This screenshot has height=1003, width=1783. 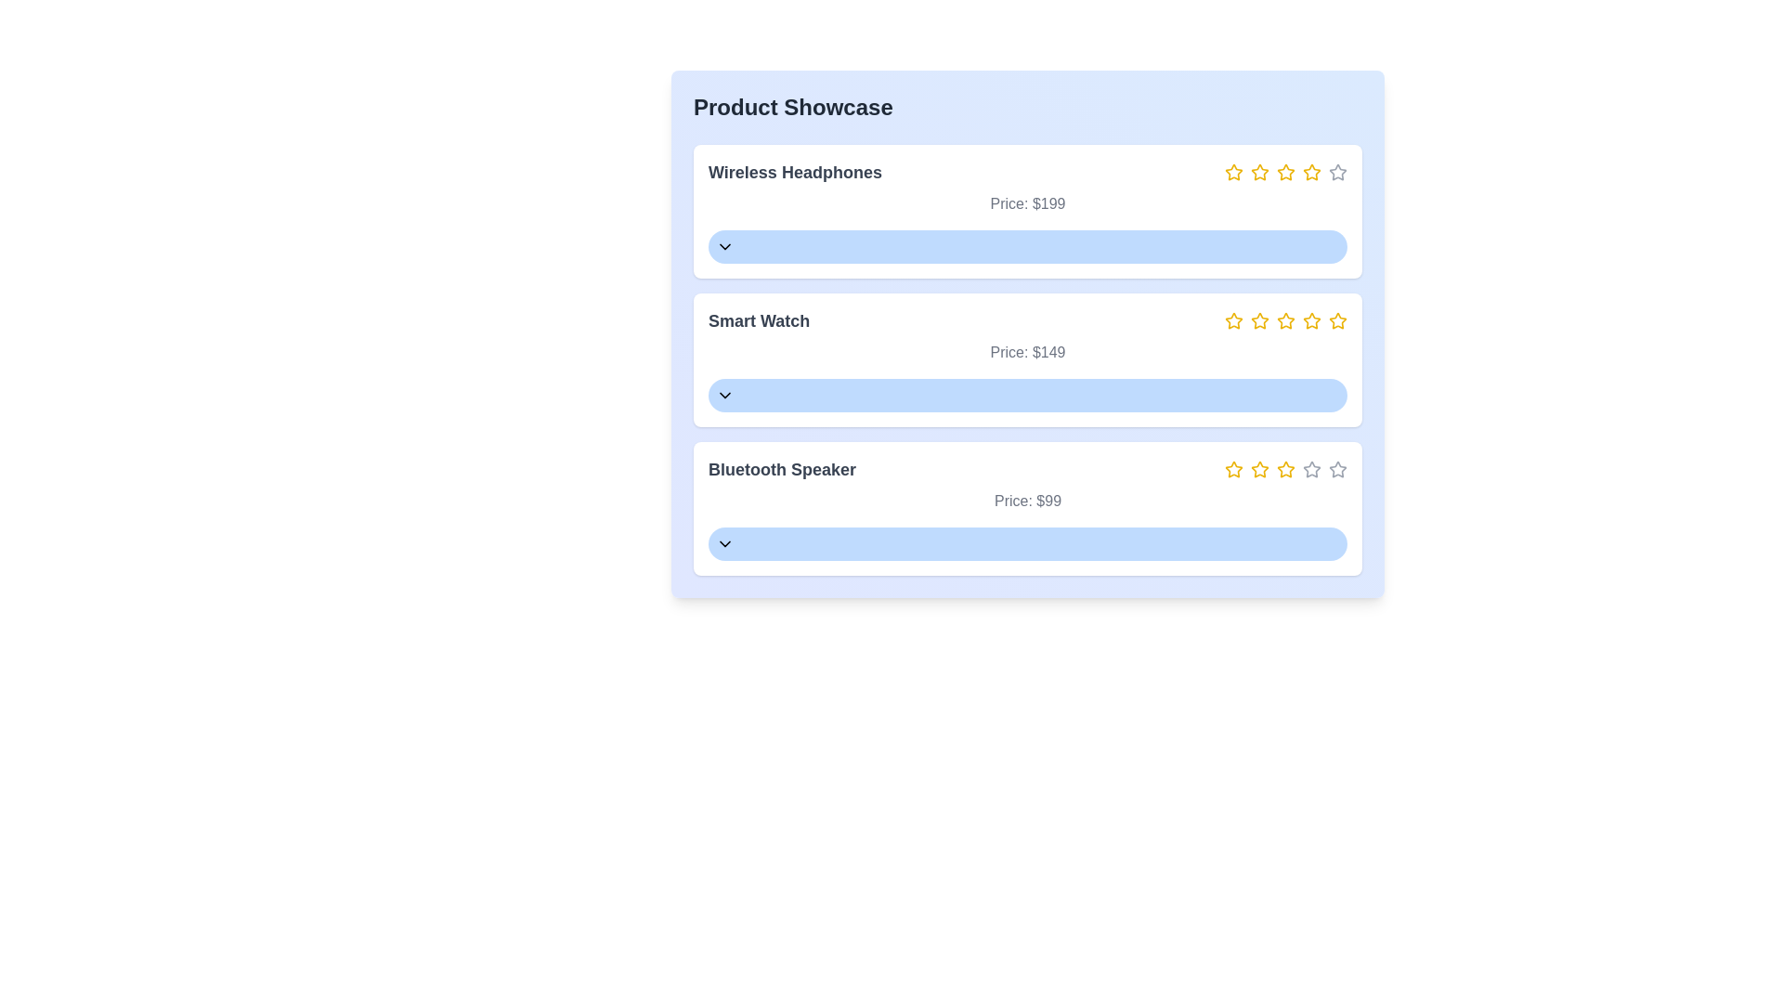 I want to click on the fifth uncolored rating star icon for the product 'Wireless Headphones', so click(x=1337, y=172).